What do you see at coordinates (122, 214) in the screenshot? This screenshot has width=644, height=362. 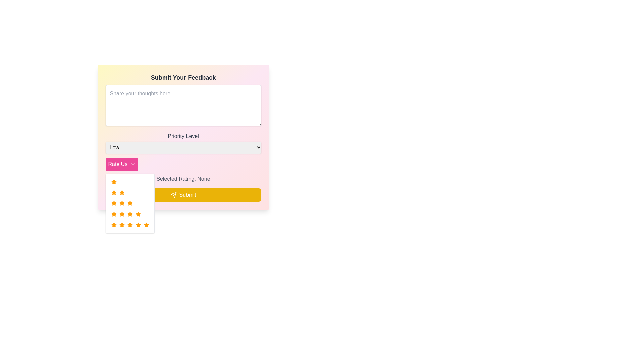 I see `the seventh star in the second row of the rating dropdown menu` at bounding box center [122, 214].